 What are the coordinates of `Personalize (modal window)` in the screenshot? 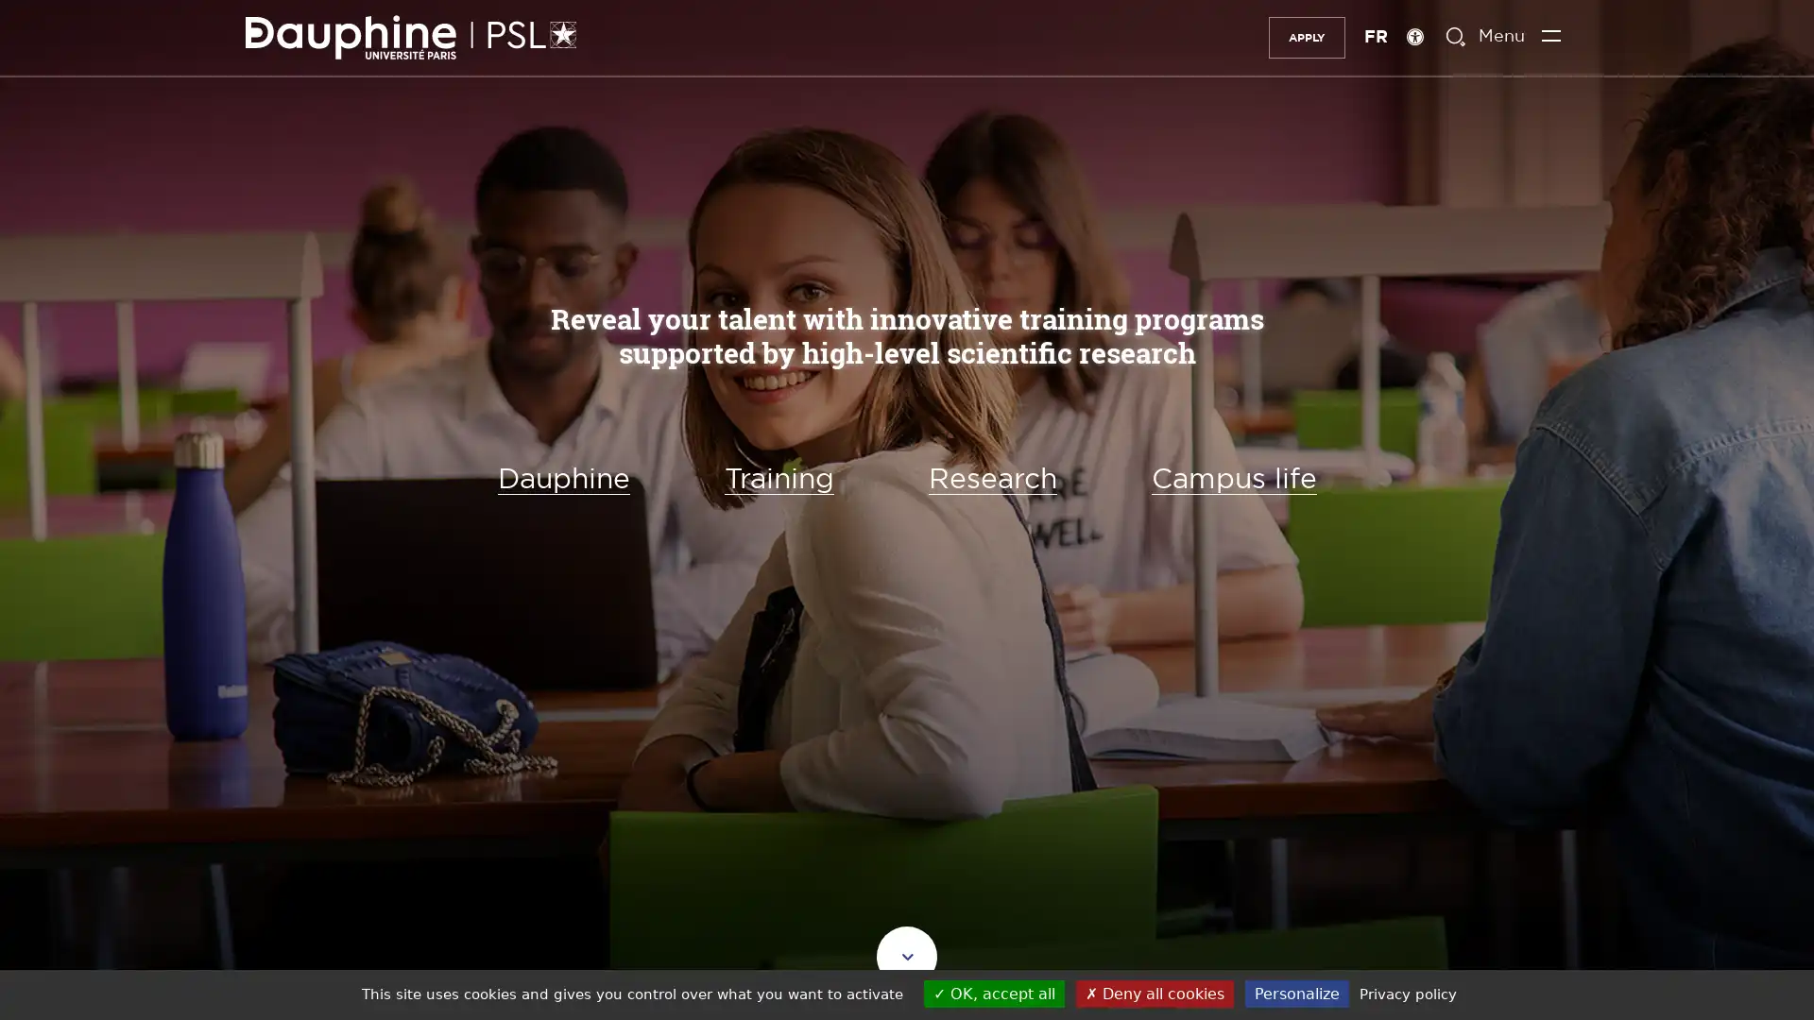 It's located at (1295, 993).